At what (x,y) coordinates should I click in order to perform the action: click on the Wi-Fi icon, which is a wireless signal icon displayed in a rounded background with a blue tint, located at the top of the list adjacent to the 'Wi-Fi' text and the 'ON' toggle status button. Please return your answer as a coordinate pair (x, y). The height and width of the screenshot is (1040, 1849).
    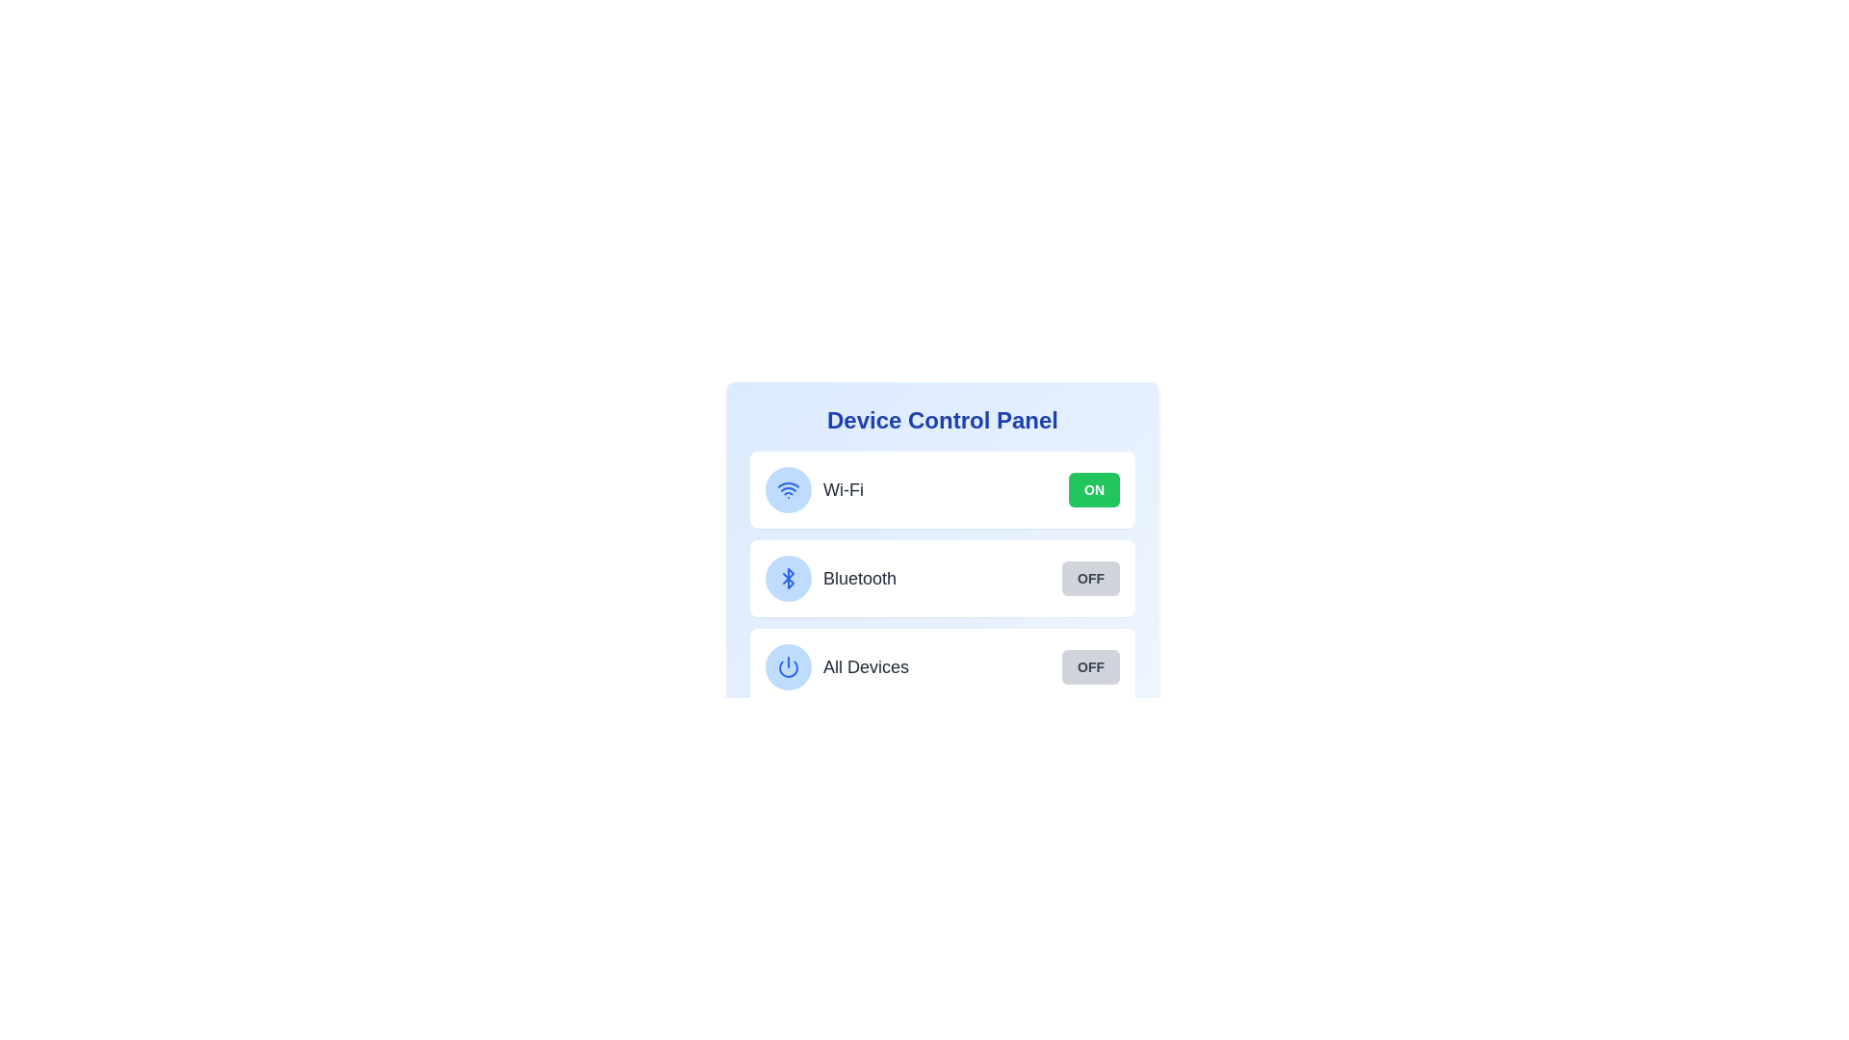
    Looking at the image, I should click on (789, 489).